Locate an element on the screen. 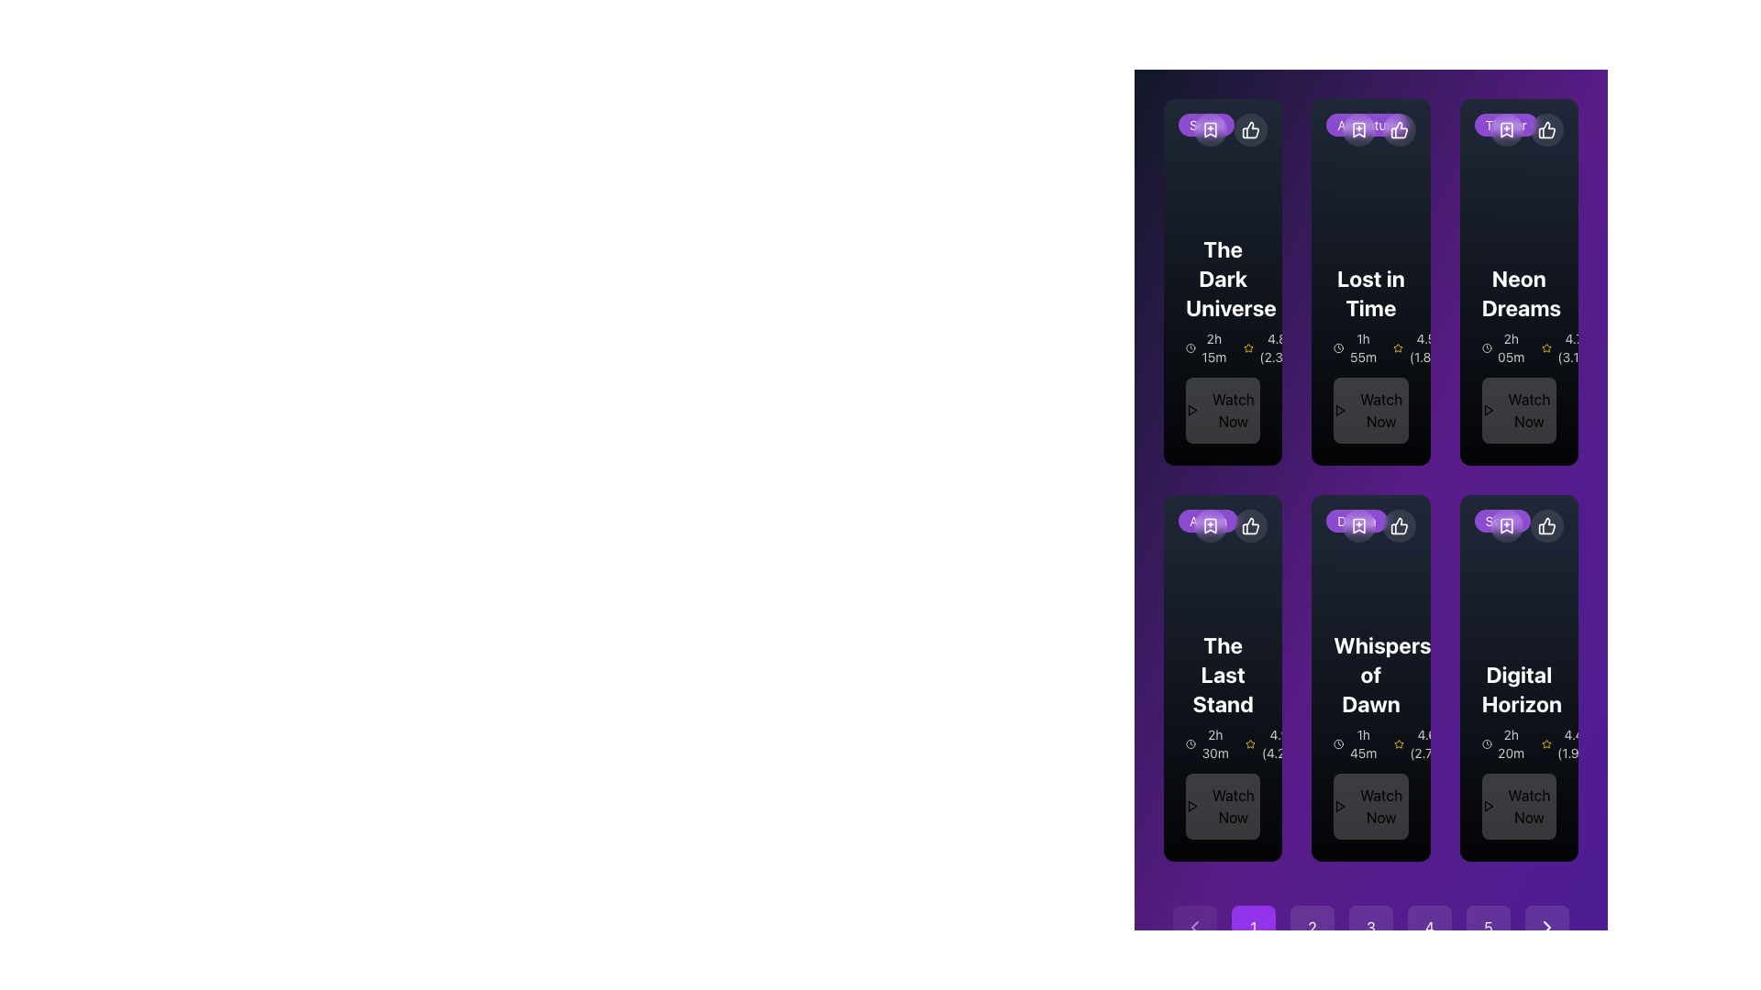 The image size is (1761, 990). the circular button with a white bookmark icon on a purple background to bookmark the content is located at coordinates (1358, 129).